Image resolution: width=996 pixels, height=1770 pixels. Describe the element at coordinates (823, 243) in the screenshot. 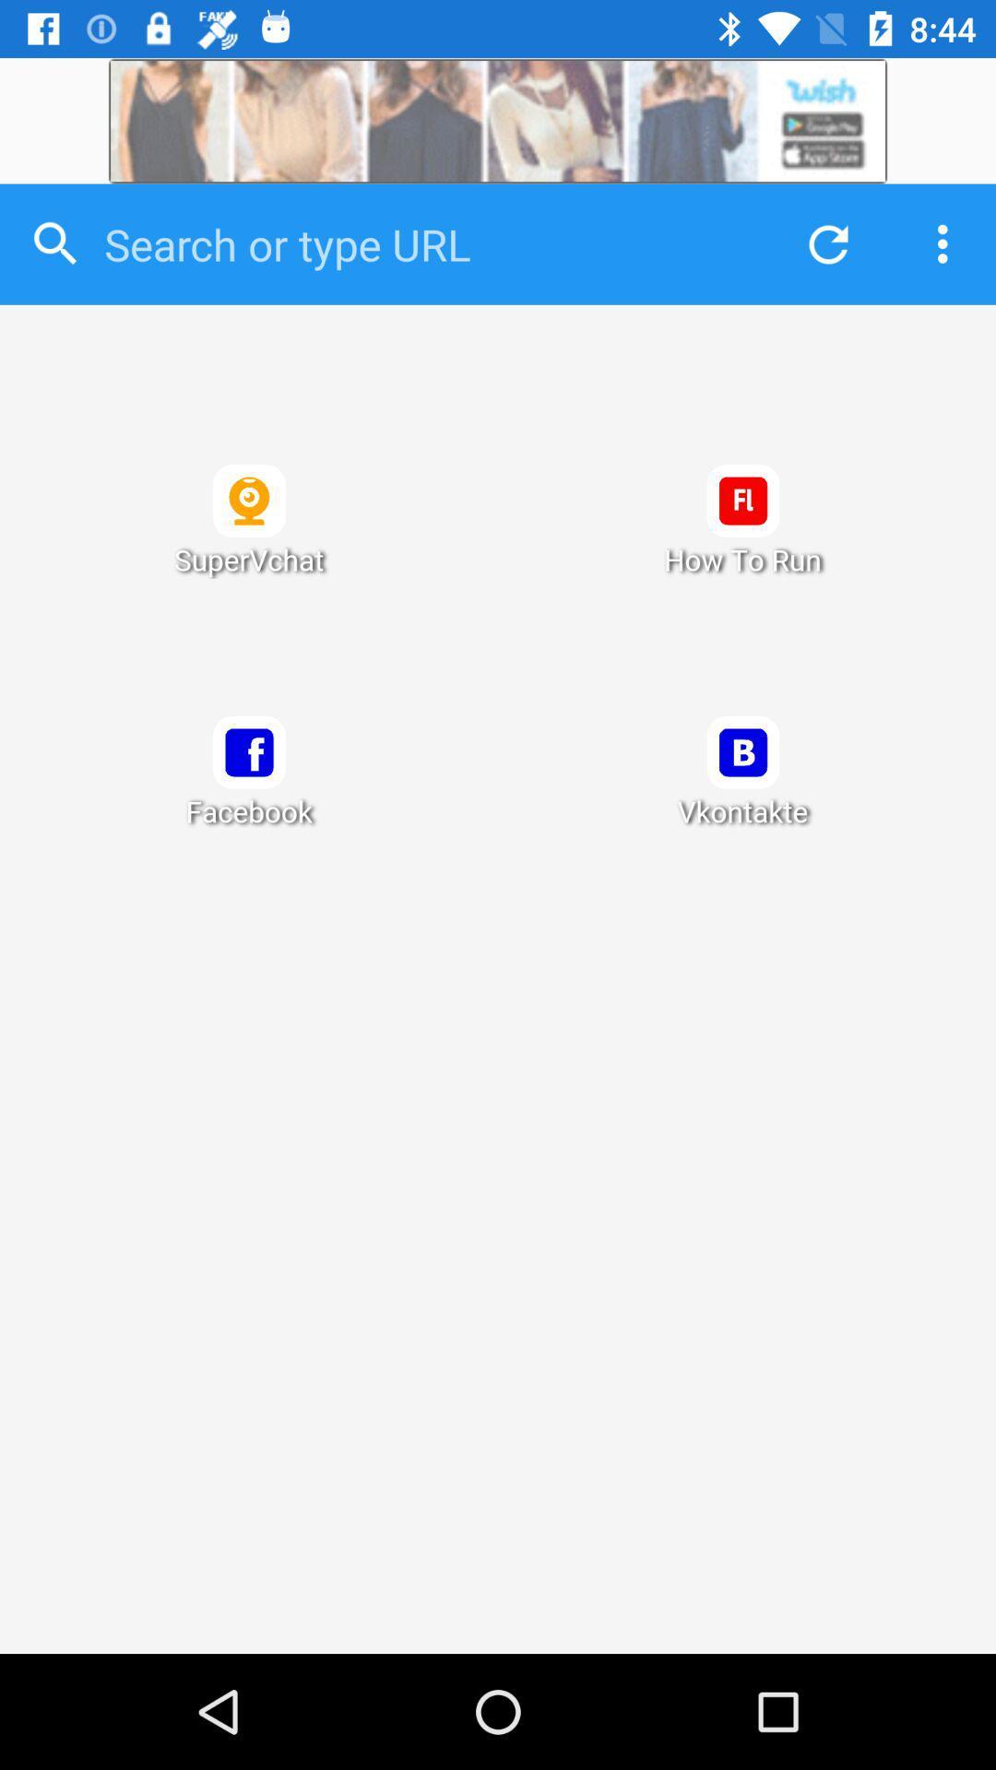

I see `reload` at that location.